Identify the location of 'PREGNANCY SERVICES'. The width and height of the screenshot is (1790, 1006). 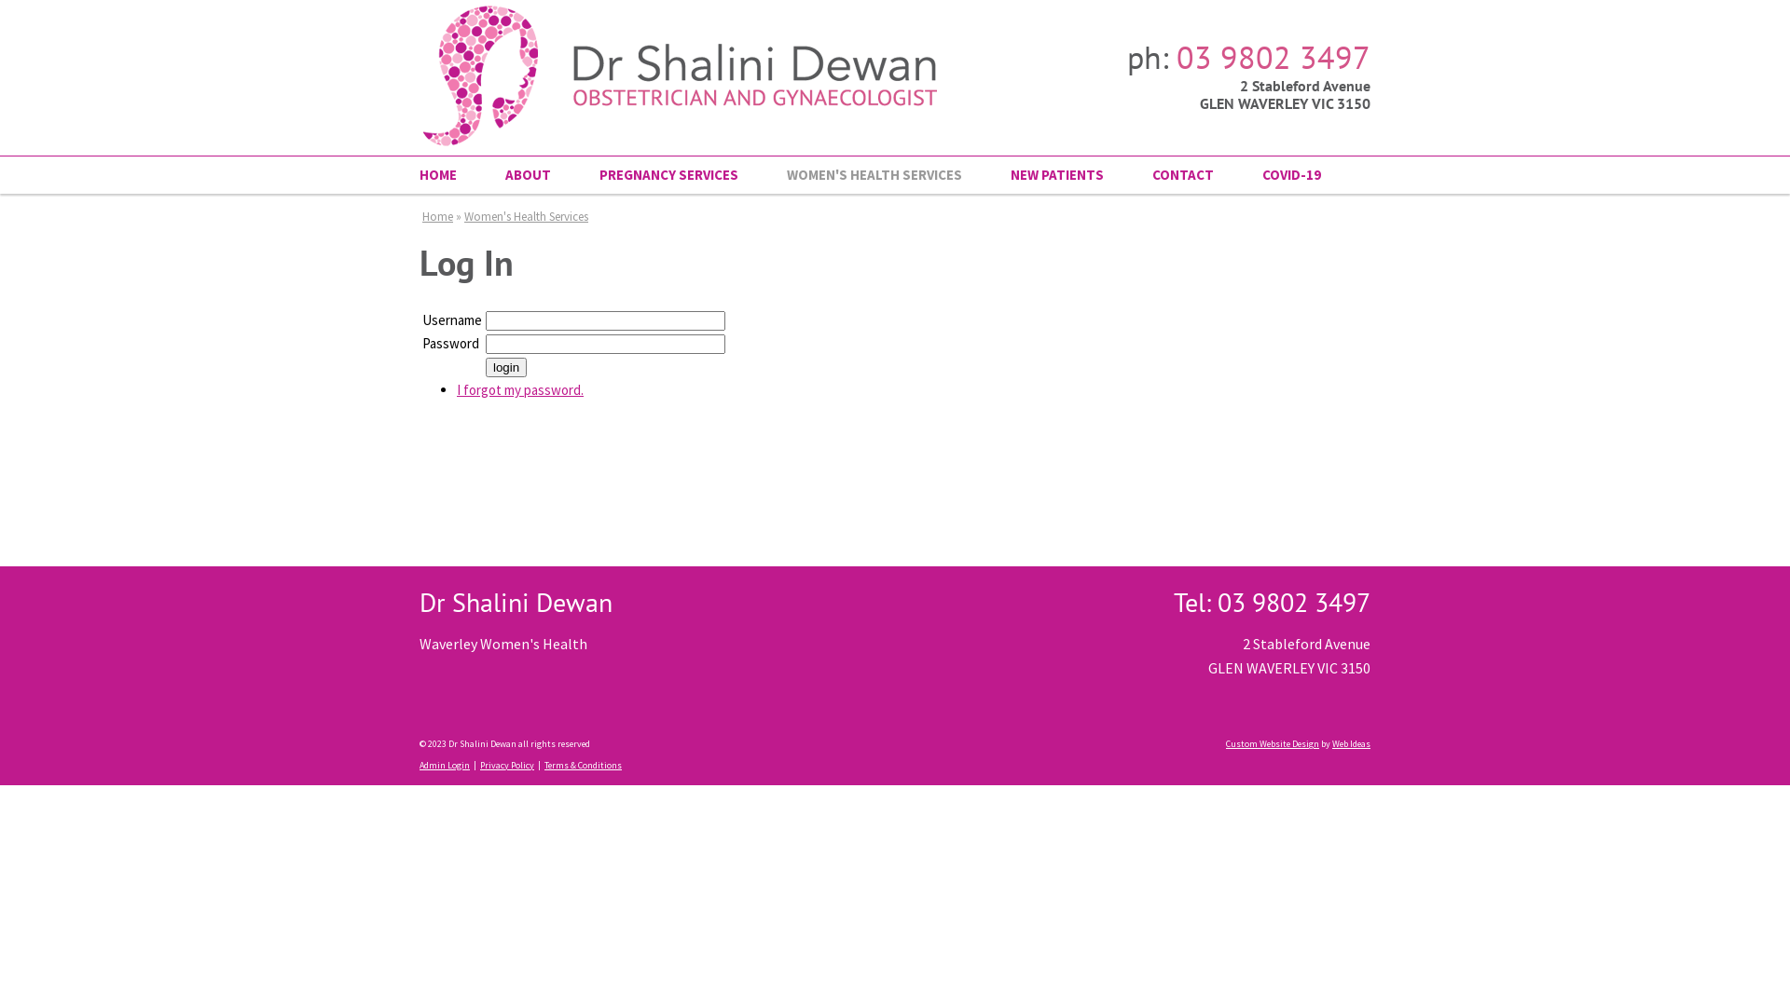
(574, 175).